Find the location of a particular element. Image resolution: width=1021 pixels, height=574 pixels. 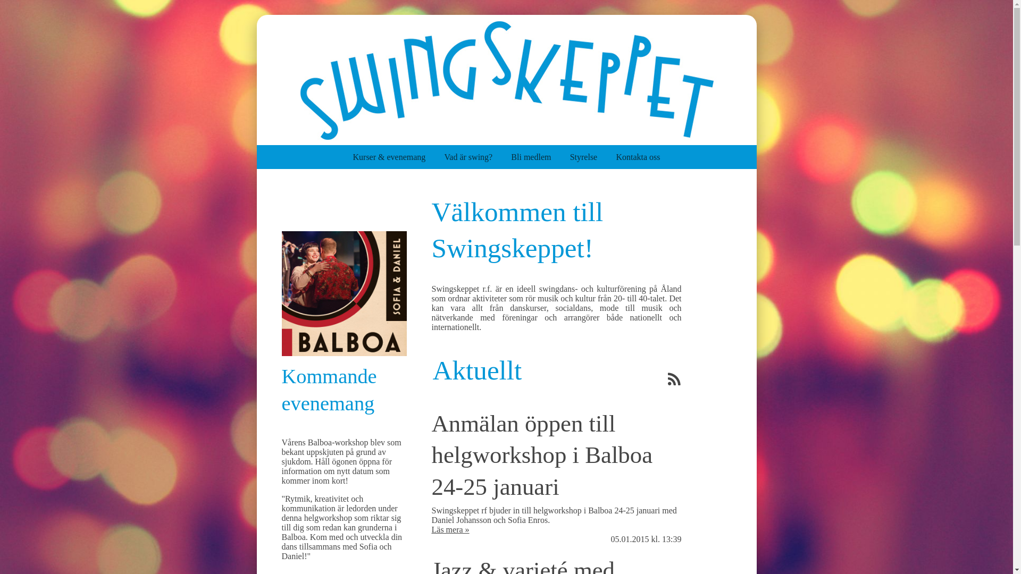

'Styrelse' is located at coordinates (592, 157).